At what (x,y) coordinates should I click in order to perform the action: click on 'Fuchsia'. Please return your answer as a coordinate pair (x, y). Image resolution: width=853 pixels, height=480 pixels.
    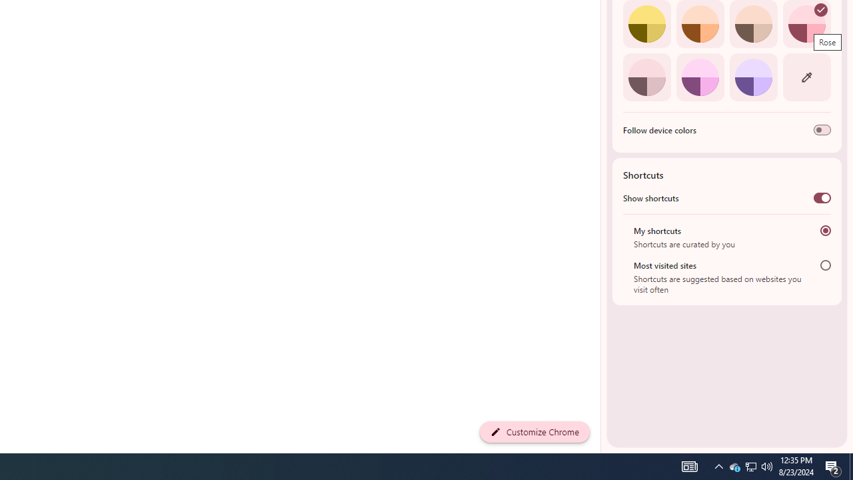
    Looking at the image, I should click on (699, 77).